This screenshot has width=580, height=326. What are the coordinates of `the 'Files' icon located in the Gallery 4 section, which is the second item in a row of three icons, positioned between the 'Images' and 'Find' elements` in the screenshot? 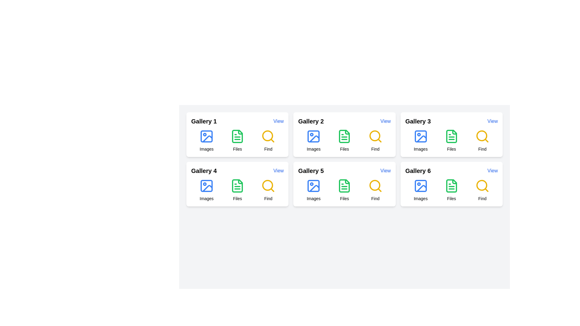 It's located at (237, 190).